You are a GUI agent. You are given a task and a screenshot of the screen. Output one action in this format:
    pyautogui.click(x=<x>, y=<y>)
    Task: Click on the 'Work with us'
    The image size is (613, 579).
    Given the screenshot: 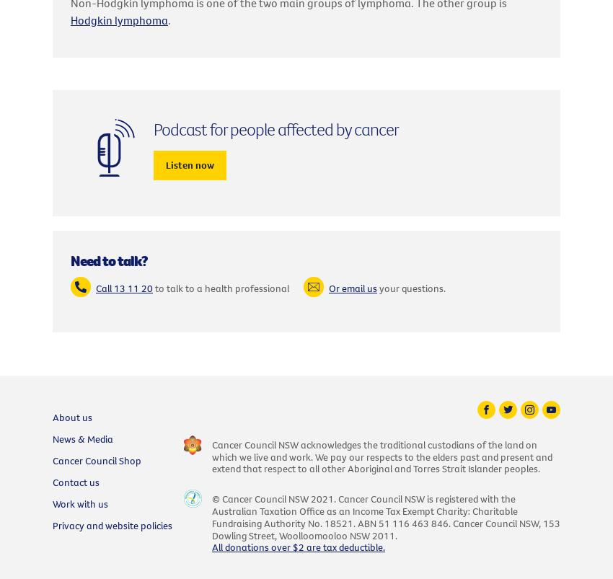 What is the action you would take?
    pyautogui.click(x=79, y=502)
    